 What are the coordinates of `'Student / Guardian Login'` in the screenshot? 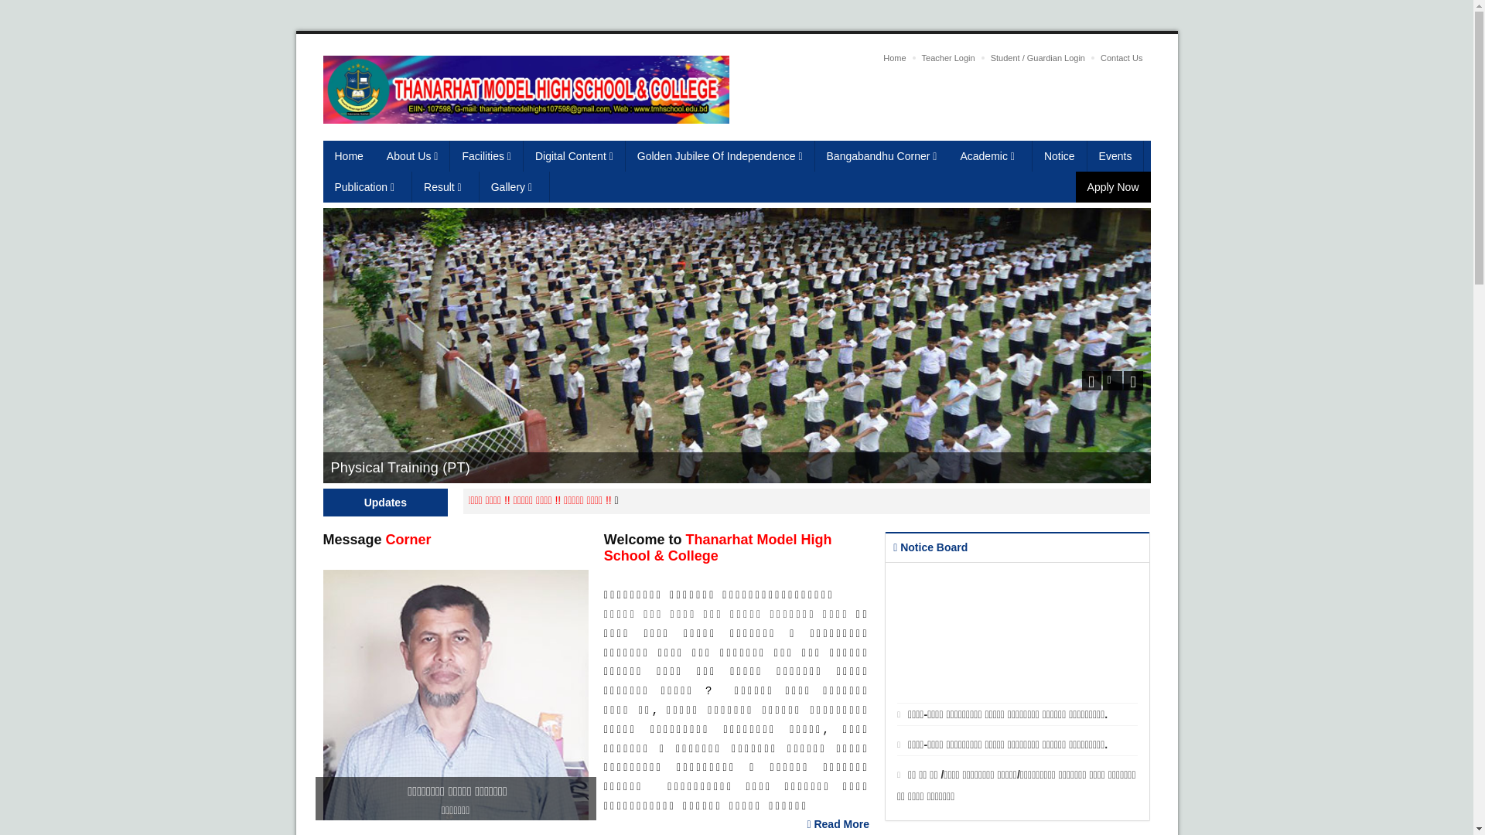 It's located at (1038, 56).